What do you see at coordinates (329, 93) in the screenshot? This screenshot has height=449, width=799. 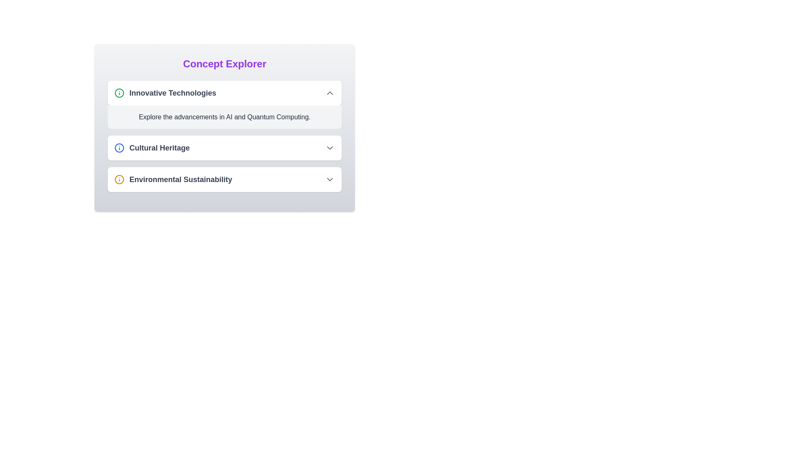 I see `the gray downward-pointing chevron icon located to the right of the text 'Innovative Technologies' in the 'Concept Explorer' panel` at bounding box center [329, 93].